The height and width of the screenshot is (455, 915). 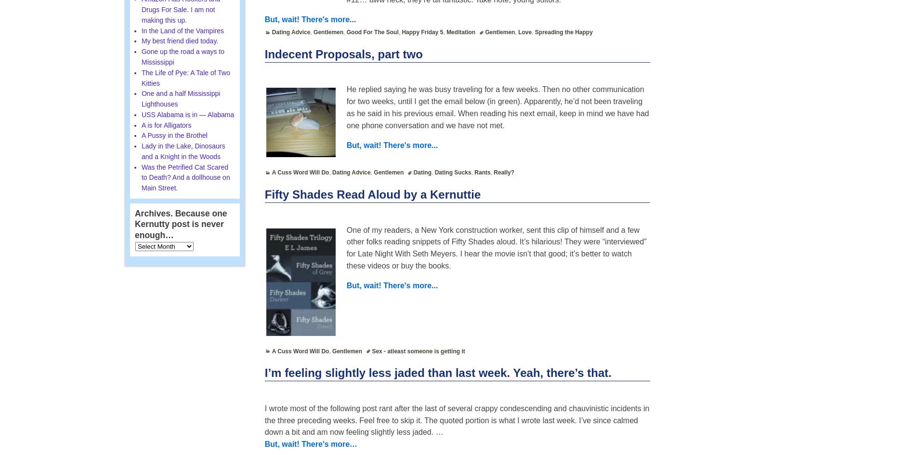 What do you see at coordinates (497, 107) in the screenshot?
I see `'He replied saying he was busy traveling for a few weeks. Then no other communication for two weeks, until I get the email below (in green). Apparently, he’d not been traveling as he said in his previous email. When reading his next email, keep in mind we have had one phone conversation and we have not met.'` at bounding box center [497, 107].